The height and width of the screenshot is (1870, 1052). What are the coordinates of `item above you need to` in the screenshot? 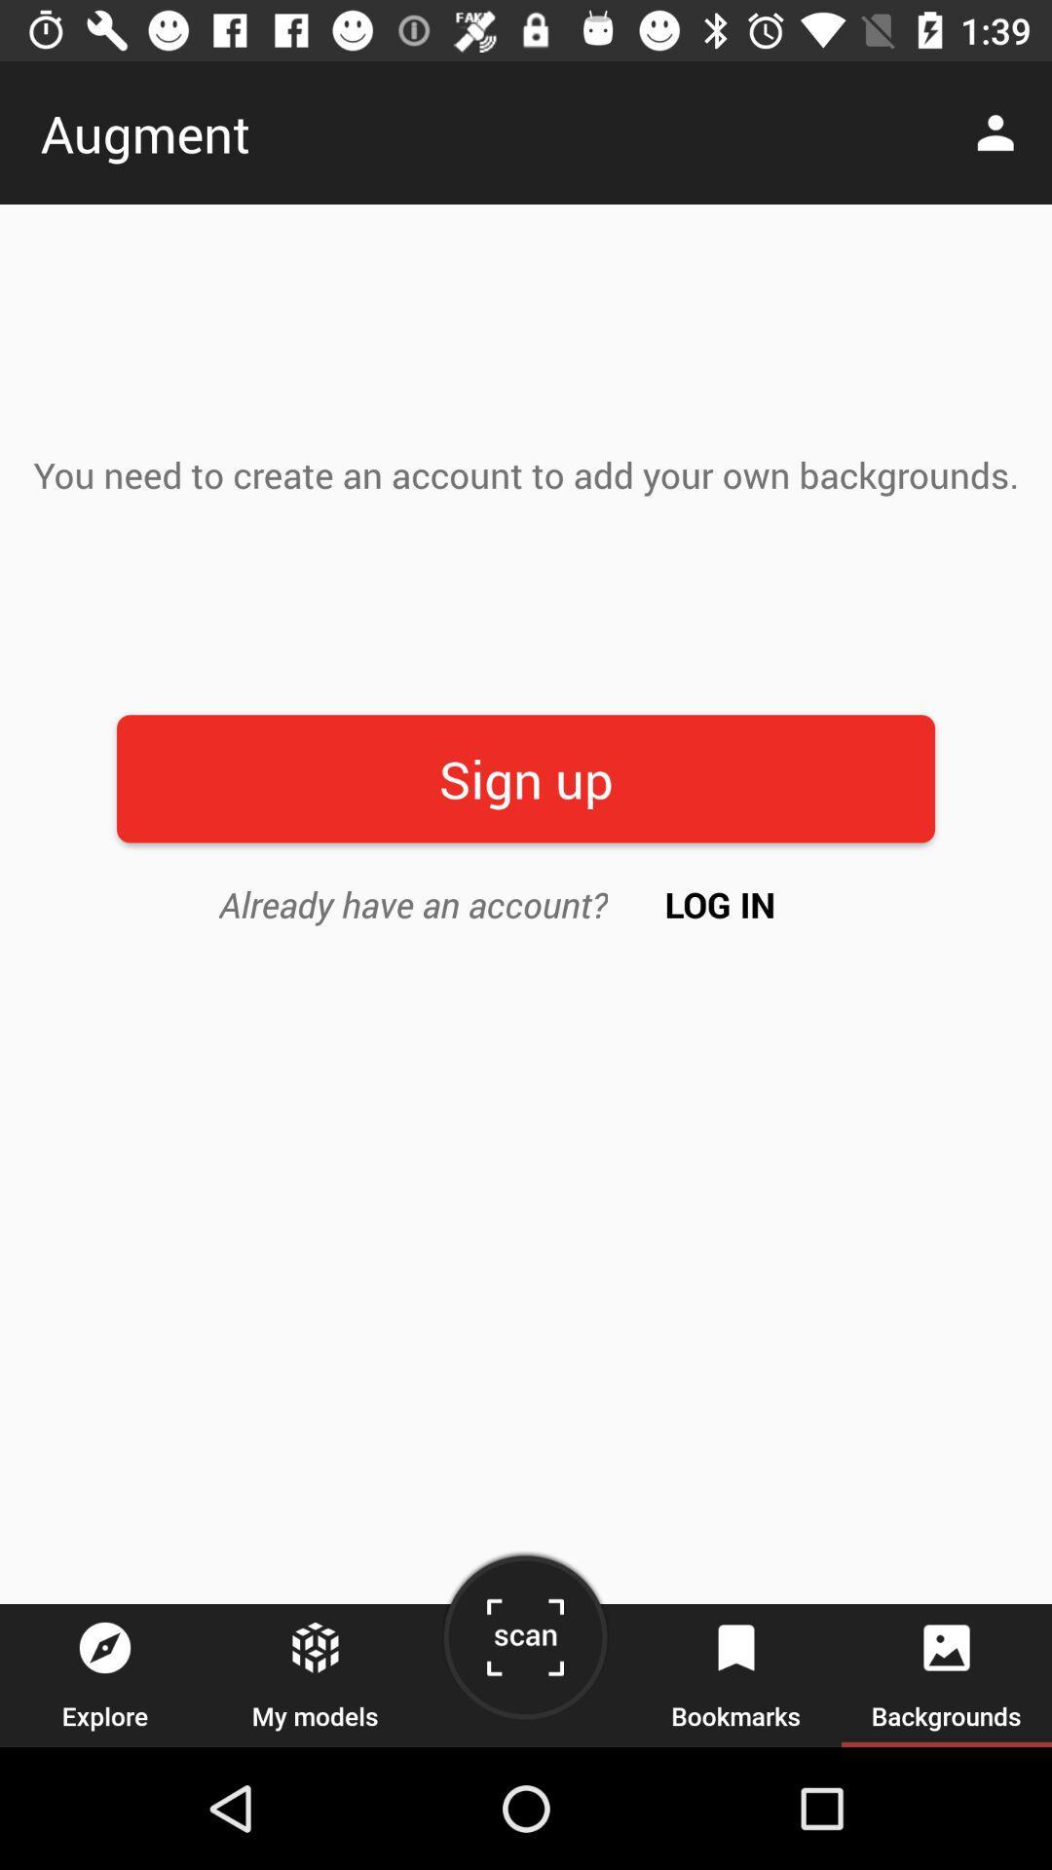 It's located at (1000, 131).